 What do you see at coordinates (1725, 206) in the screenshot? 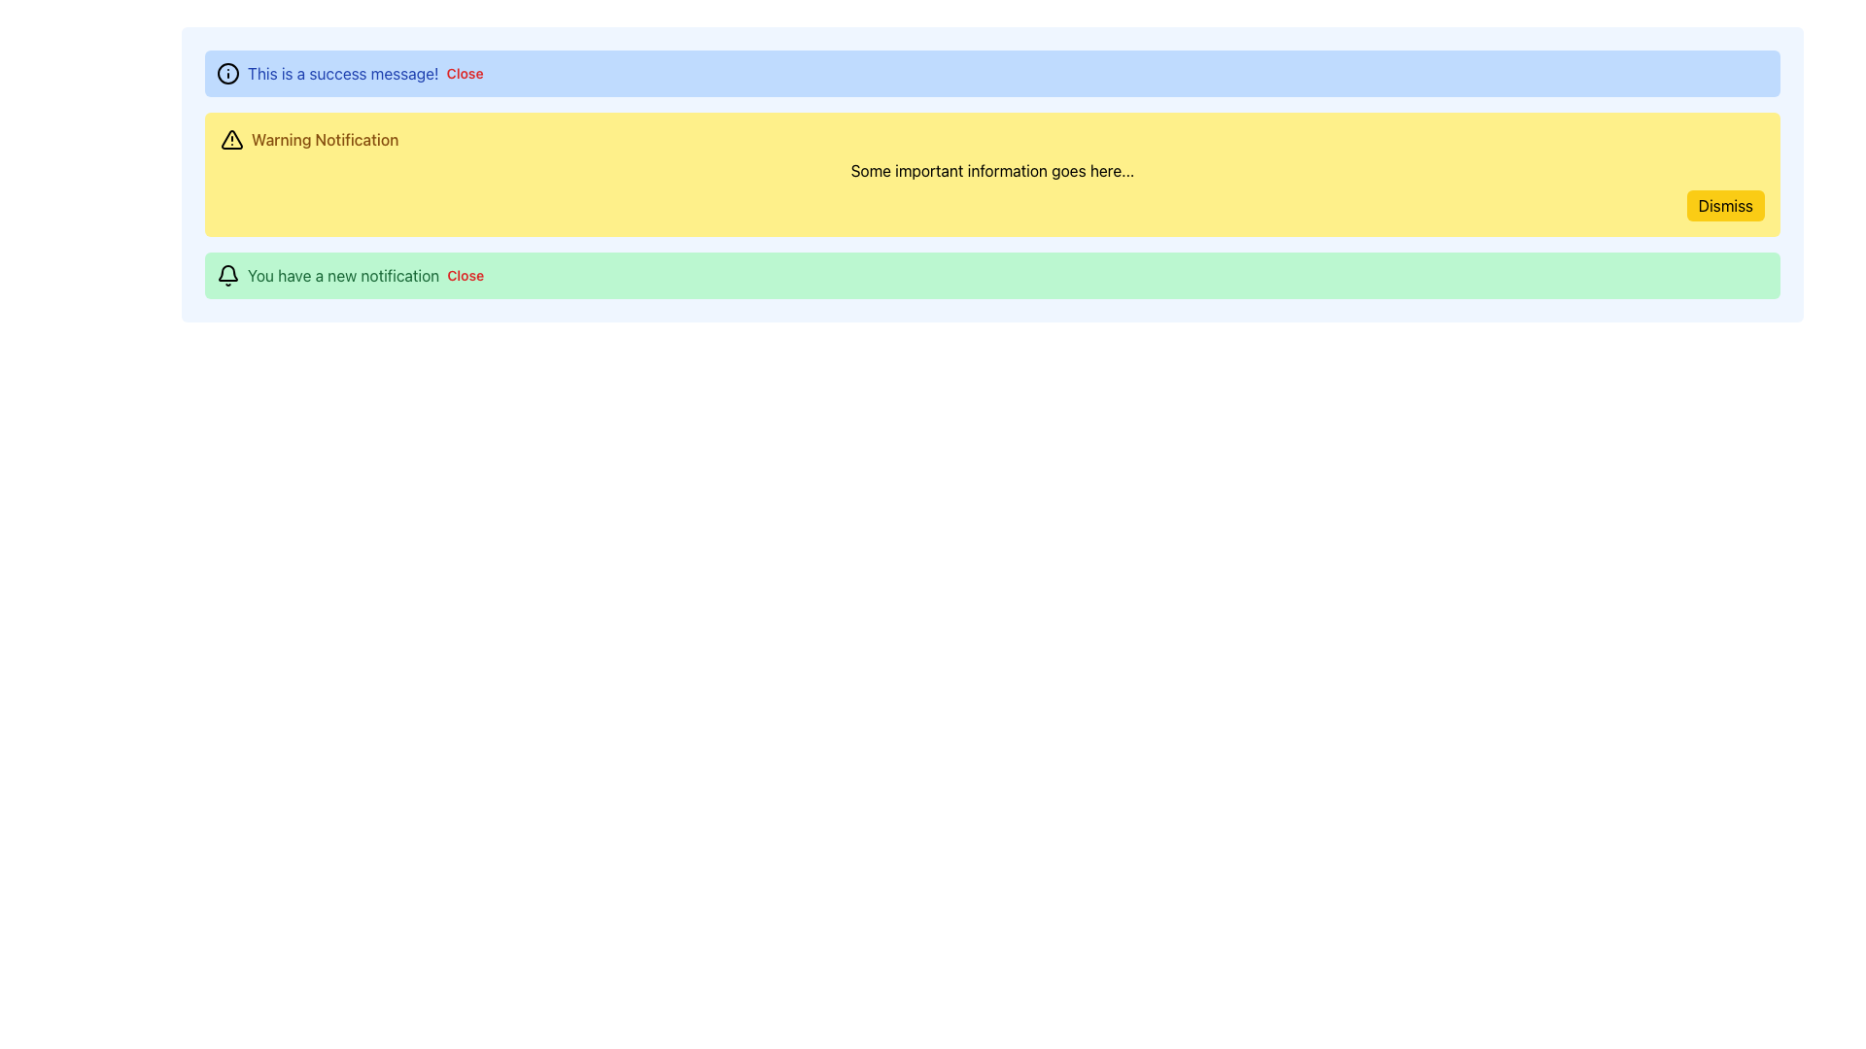
I see `the dismiss button located at the bottom-right corner of the yellow notification box` at bounding box center [1725, 206].